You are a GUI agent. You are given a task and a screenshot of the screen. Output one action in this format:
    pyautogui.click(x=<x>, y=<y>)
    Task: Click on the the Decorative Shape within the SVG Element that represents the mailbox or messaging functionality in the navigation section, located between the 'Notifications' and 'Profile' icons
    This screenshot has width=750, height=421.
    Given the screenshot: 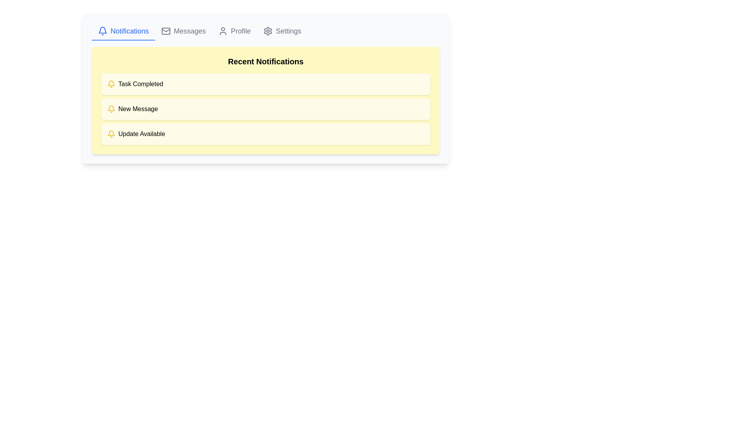 What is the action you would take?
    pyautogui.click(x=166, y=31)
    